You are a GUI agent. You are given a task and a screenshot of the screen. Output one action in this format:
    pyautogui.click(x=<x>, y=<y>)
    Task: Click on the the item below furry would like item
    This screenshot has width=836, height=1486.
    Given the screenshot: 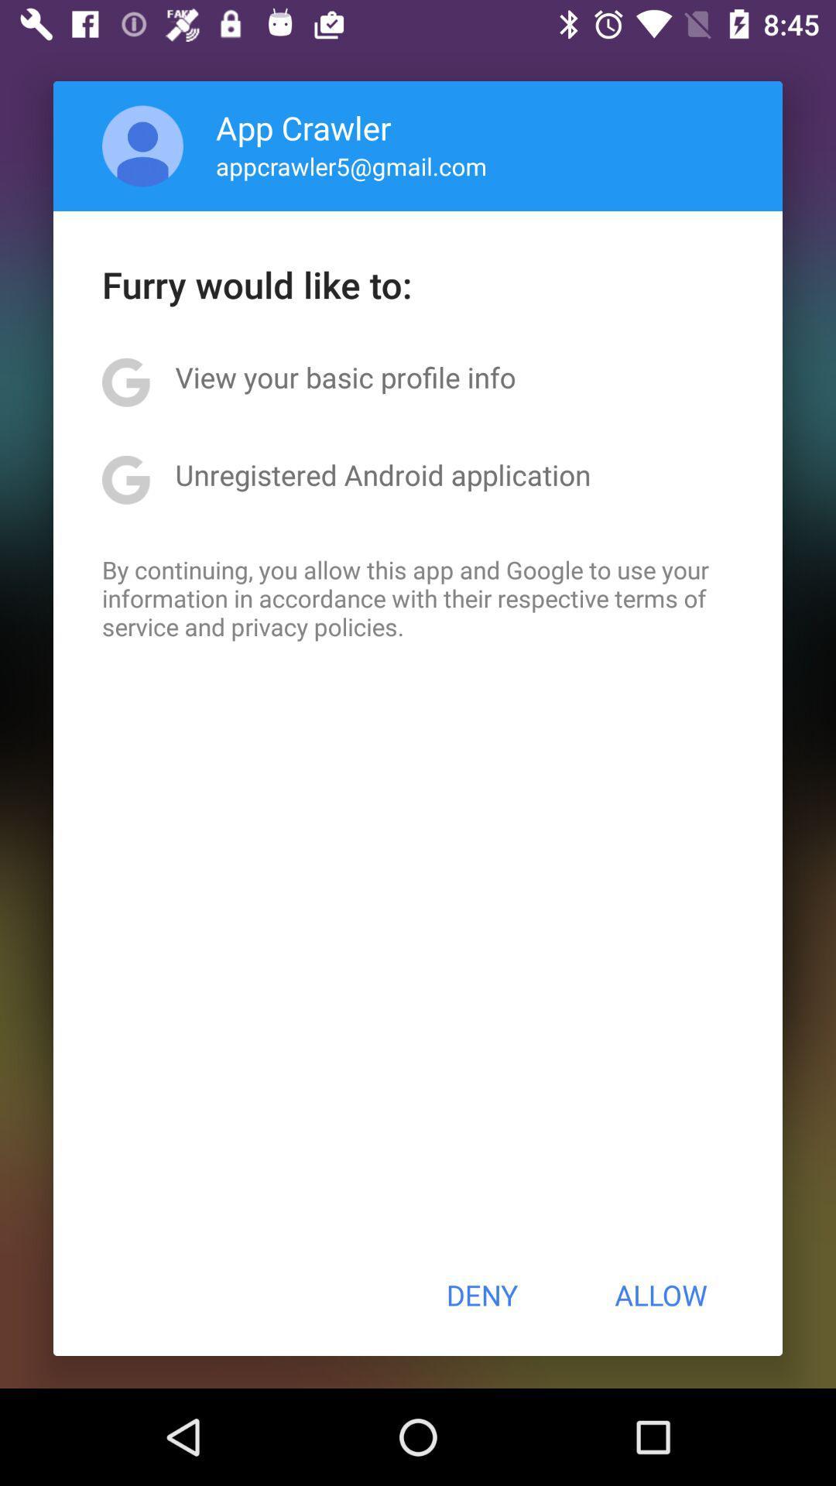 What is the action you would take?
    pyautogui.click(x=344, y=377)
    